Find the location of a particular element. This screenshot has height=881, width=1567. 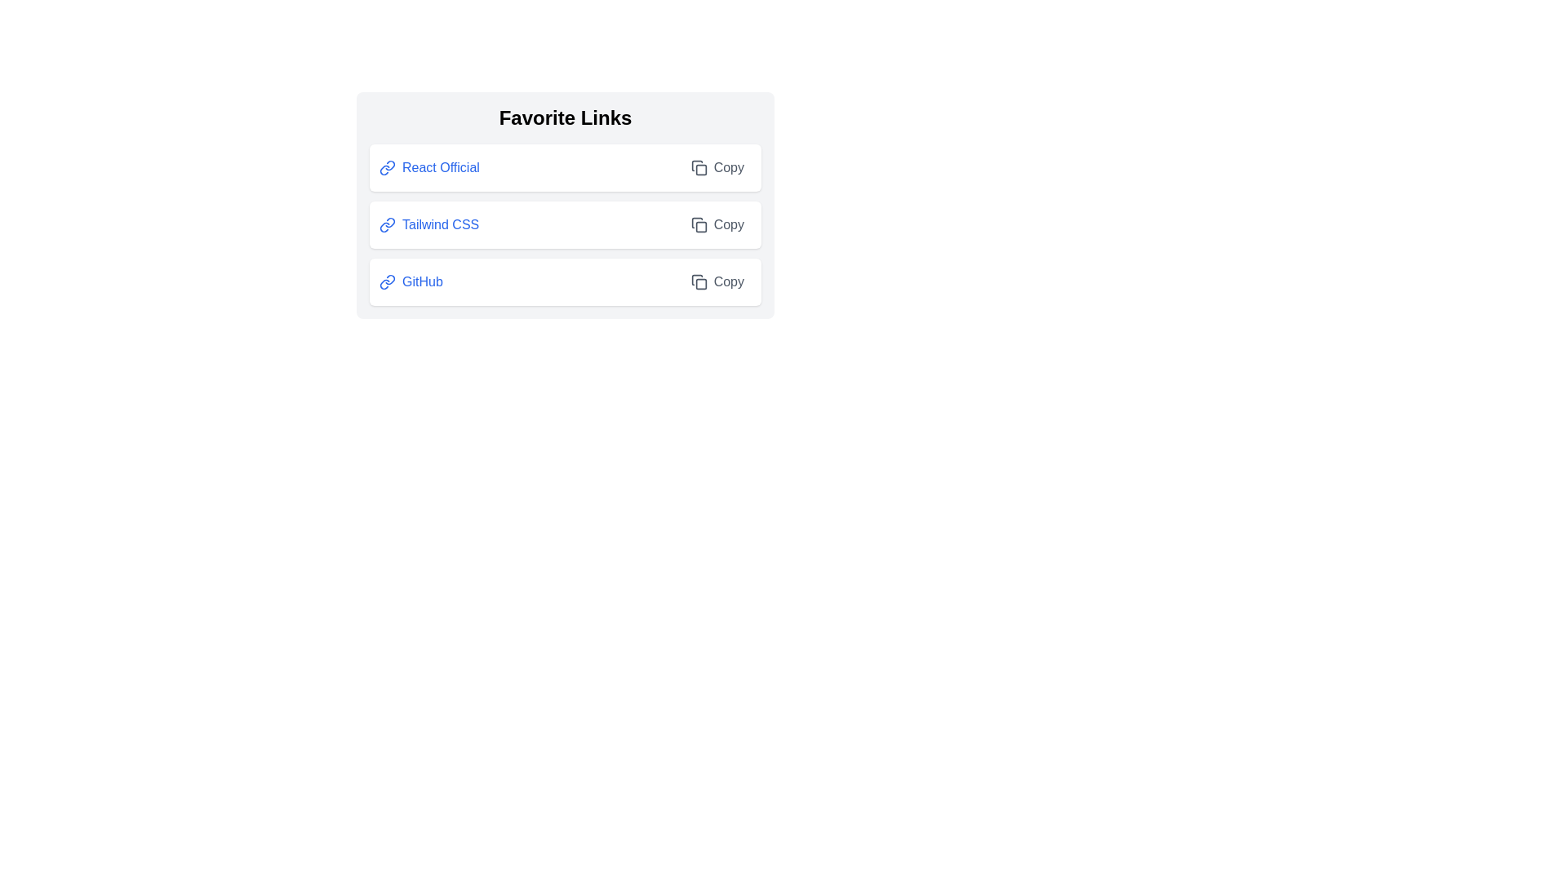

the small, rounded rectangle within the 'Copy' button, which is aligned to the right of the 'GitHub' link in the third row of the 'Favorite Links' list is located at coordinates (701, 283).